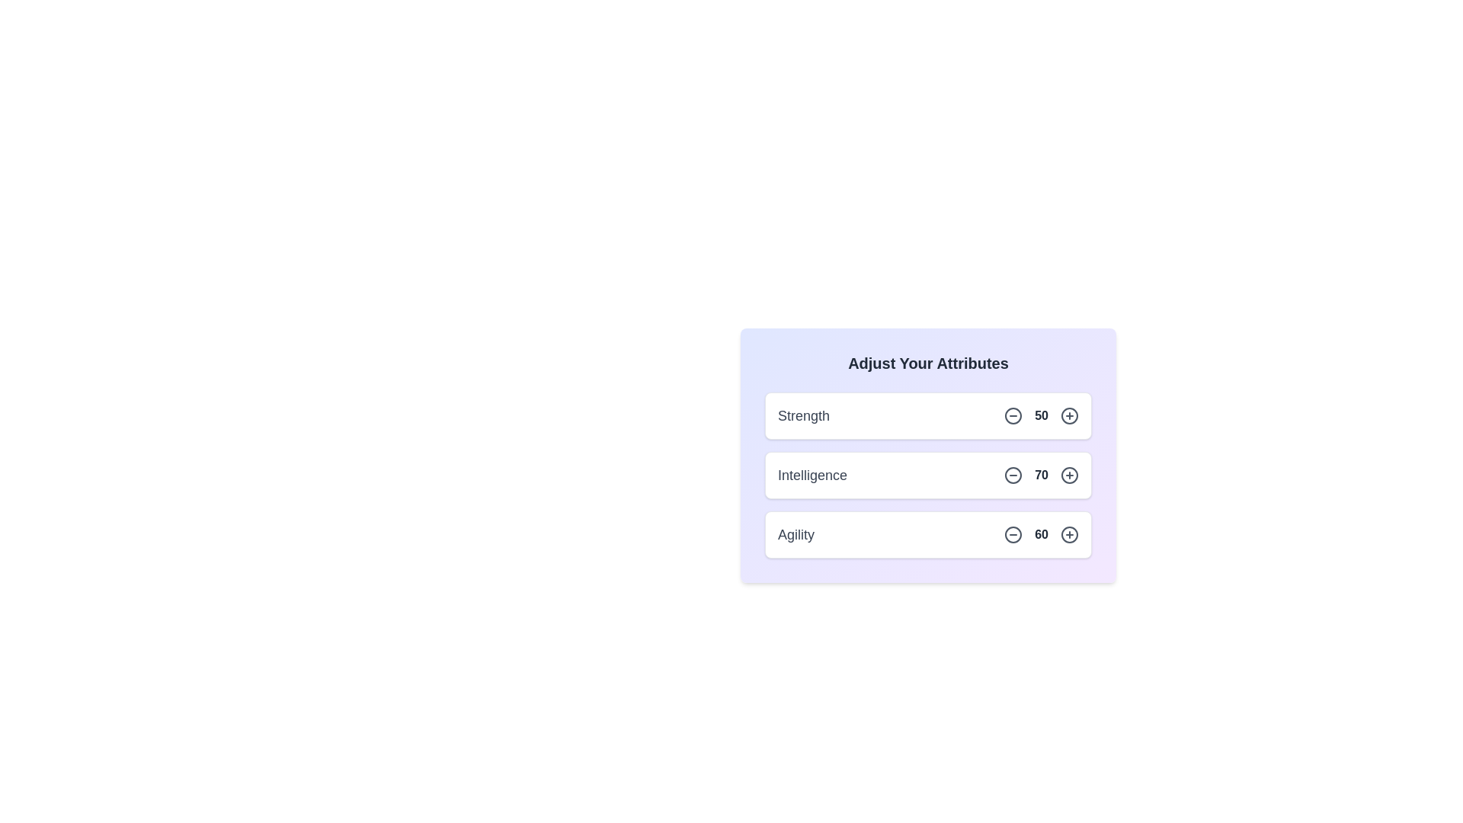  What do you see at coordinates (1068, 416) in the screenshot?
I see `the plus icon for the attribute Strength to increase its value` at bounding box center [1068, 416].